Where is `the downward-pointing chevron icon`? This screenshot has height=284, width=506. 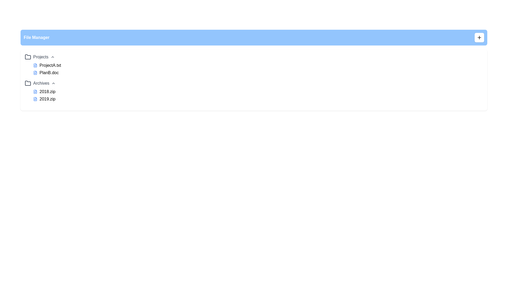
the downward-pointing chevron icon is located at coordinates (52, 57).